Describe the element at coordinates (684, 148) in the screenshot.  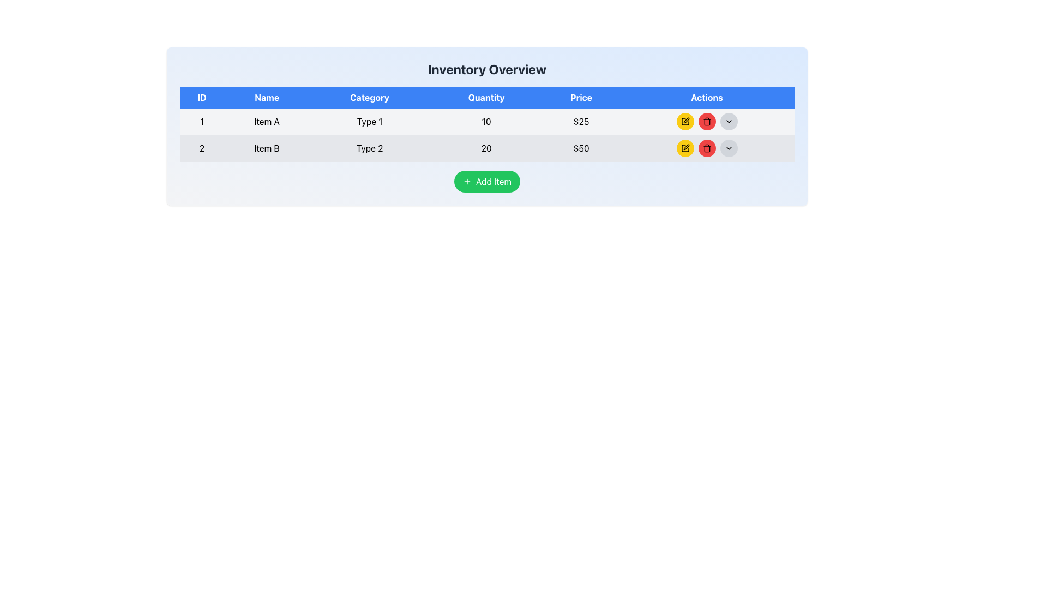
I see `the circular yellow button with a black edit icon in the 'Actions' column of the 'Inventory Overview' table to observe the hover effect` at that location.